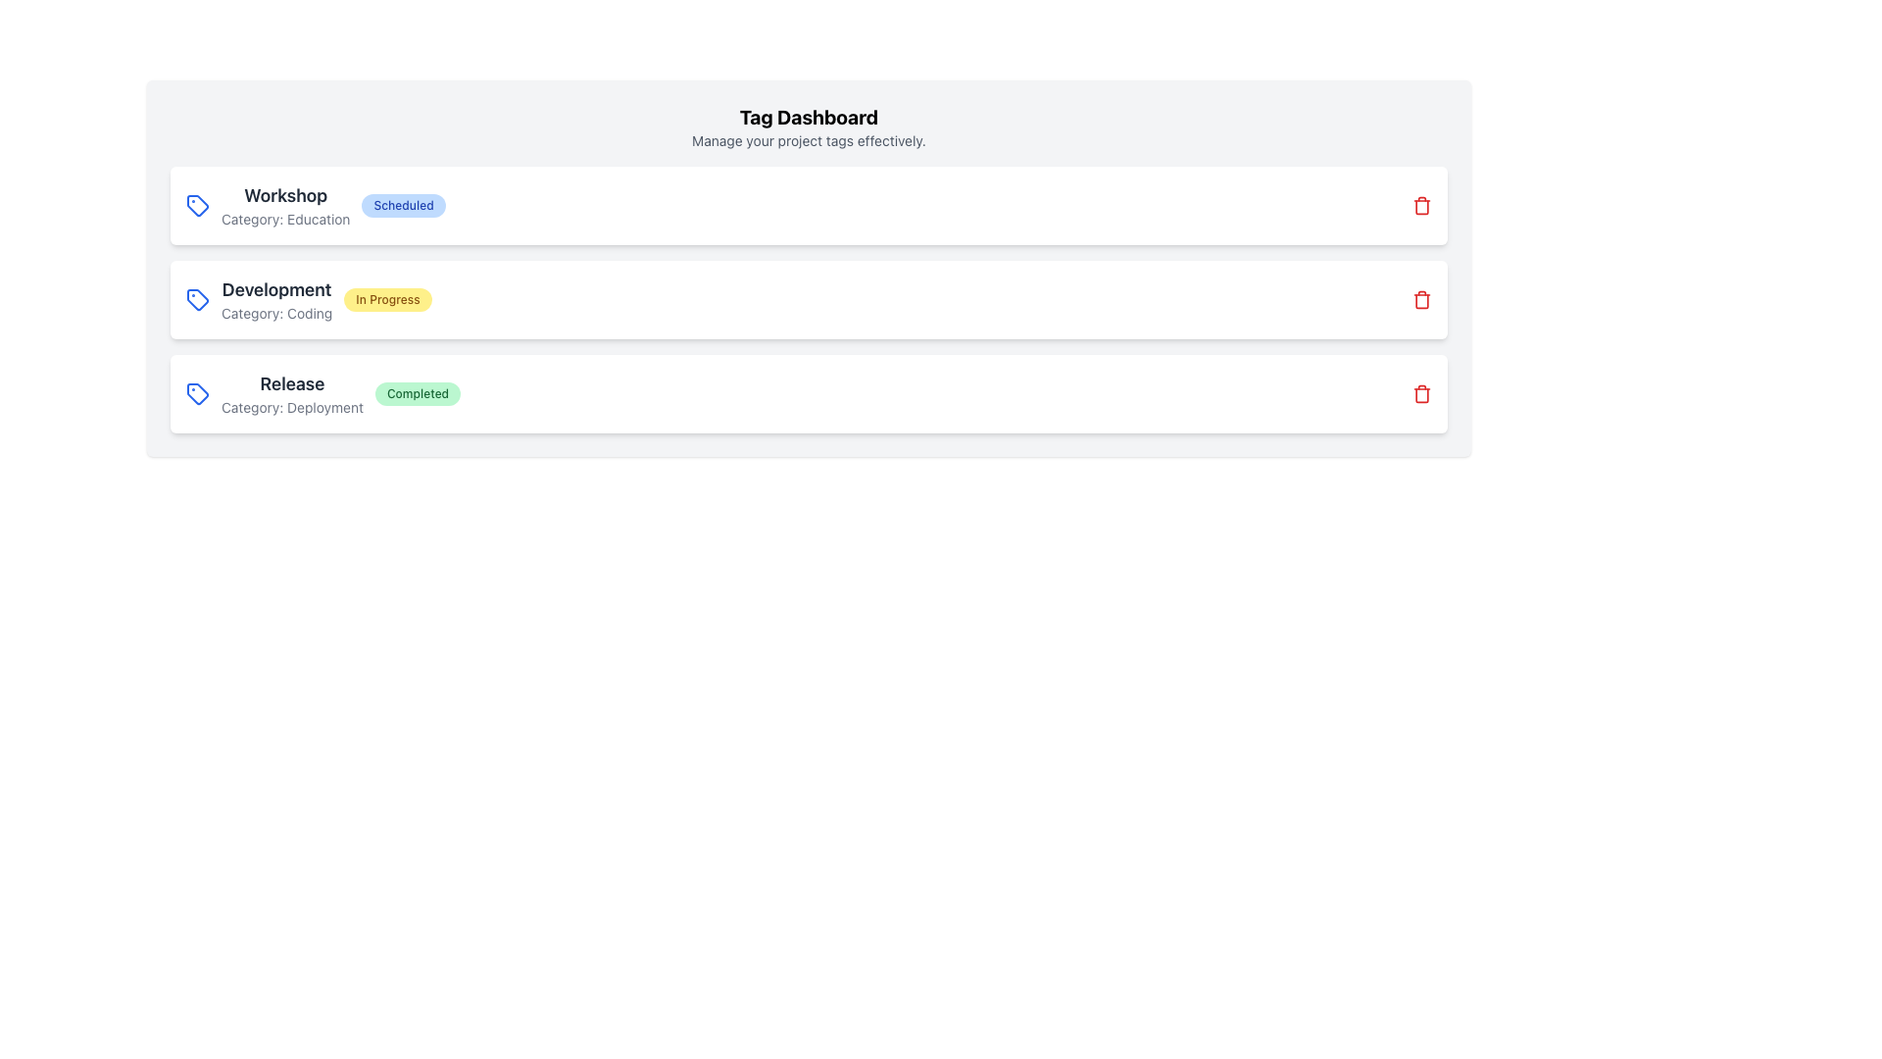 The width and height of the screenshot is (1882, 1059). I want to click on the delete icon button located at the far right side of the 'Release Category: Deployment Completed' card, so click(1421, 393).